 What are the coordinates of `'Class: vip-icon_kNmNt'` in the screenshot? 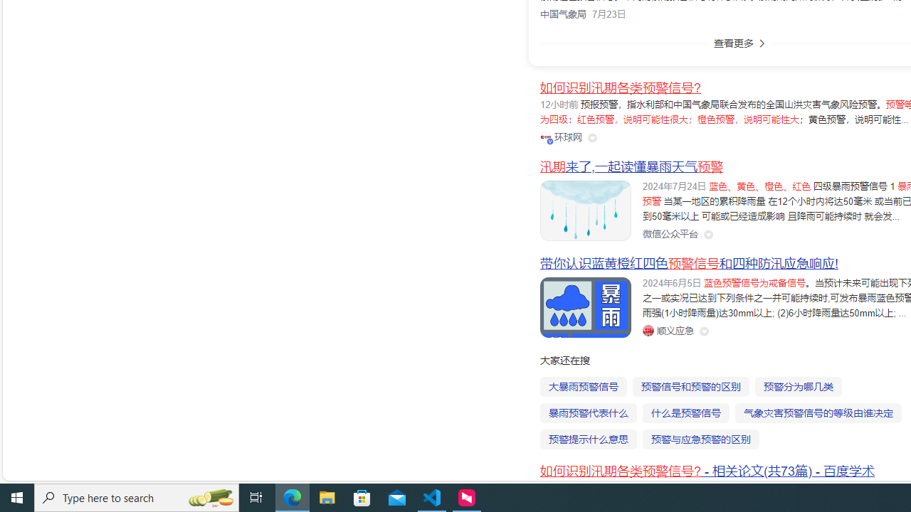 It's located at (549, 141).